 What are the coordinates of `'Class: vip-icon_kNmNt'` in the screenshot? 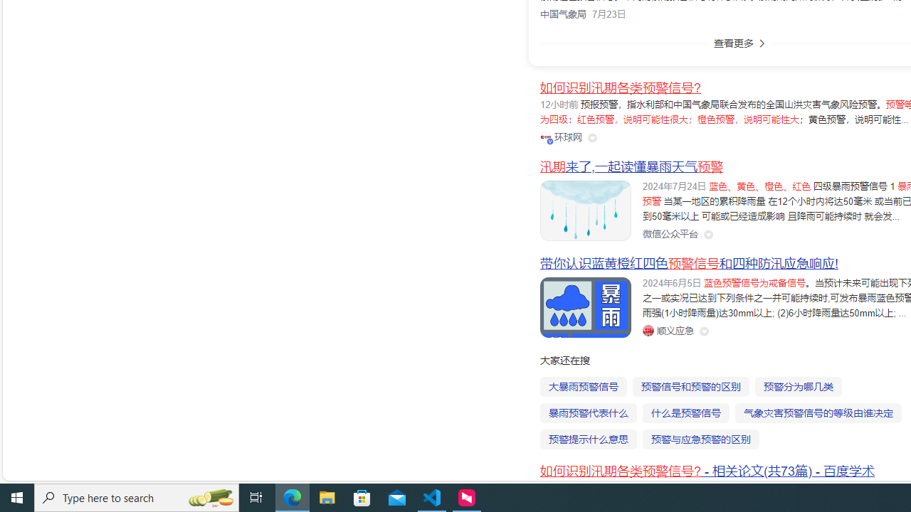 It's located at (549, 141).